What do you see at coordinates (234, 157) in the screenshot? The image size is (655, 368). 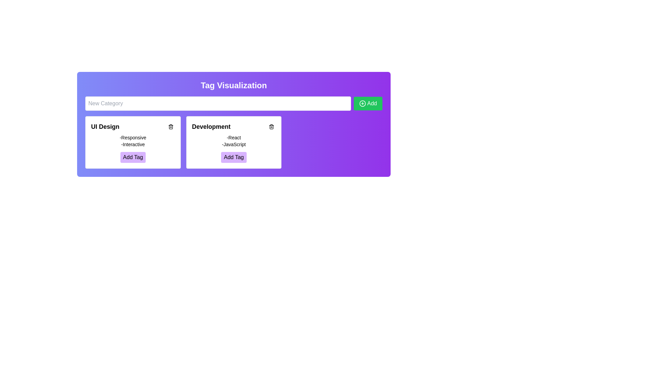 I see `the second 'Add Tag' button located in the 'Development' card, which is positioned to the right of the 'UI Design' card` at bounding box center [234, 157].